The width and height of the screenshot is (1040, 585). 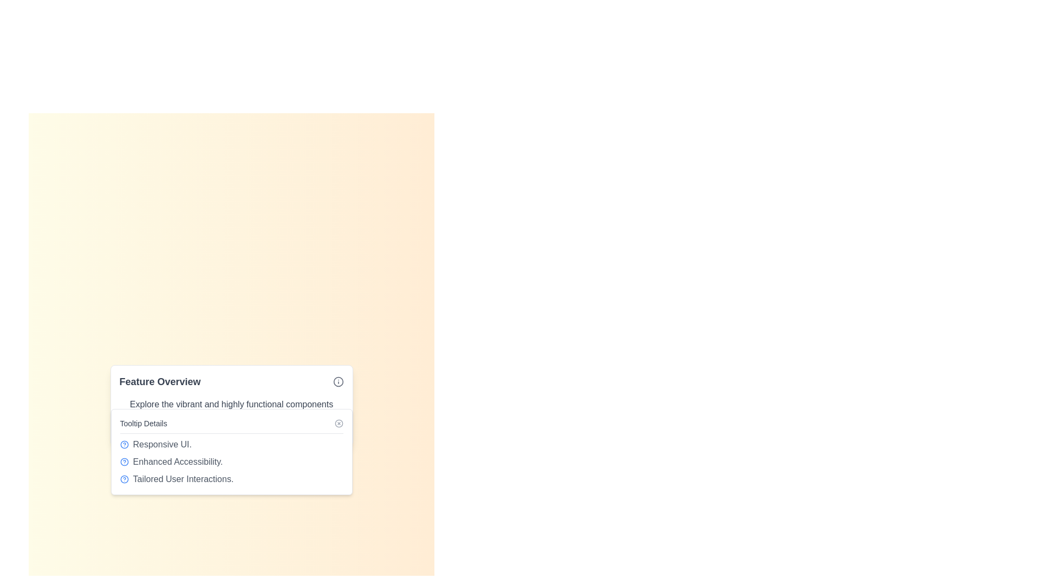 What do you see at coordinates (124, 461) in the screenshot?
I see `the blue circular outline help icon with a question mark, located next to the 'Enhanced Accessibility.' text for more details` at bounding box center [124, 461].